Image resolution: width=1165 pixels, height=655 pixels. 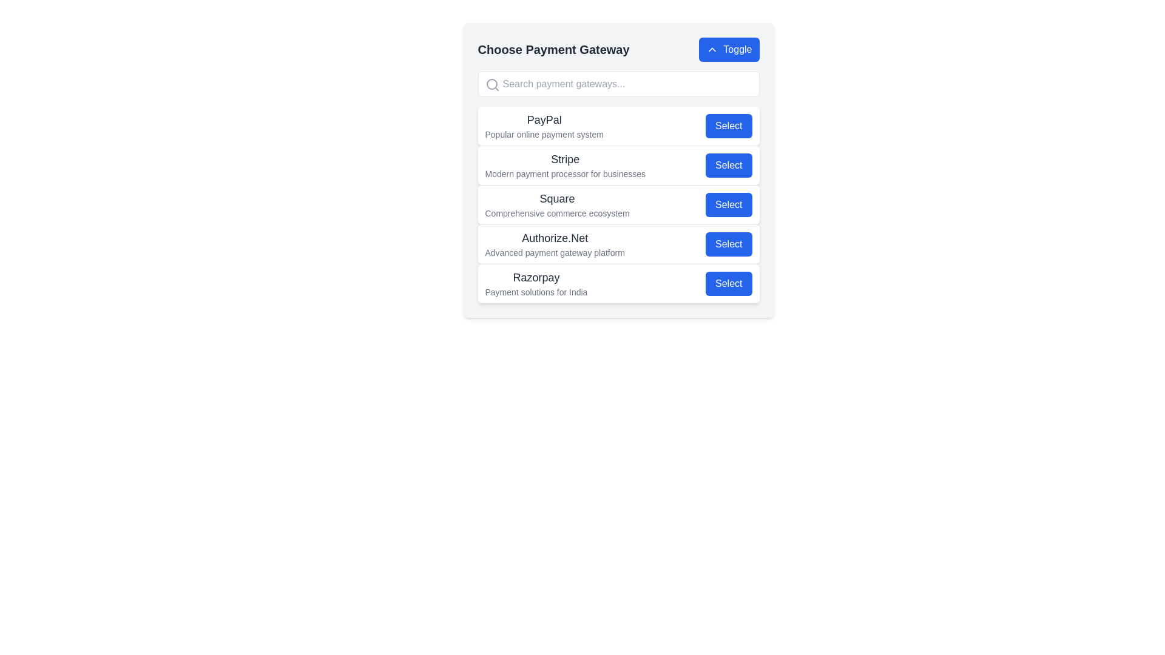 What do you see at coordinates (712, 49) in the screenshot?
I see `the upwards-pointing chevron icon within the blue 'Toggle' button to interact with the payment gateway selection` at bounding box center [712, 49].